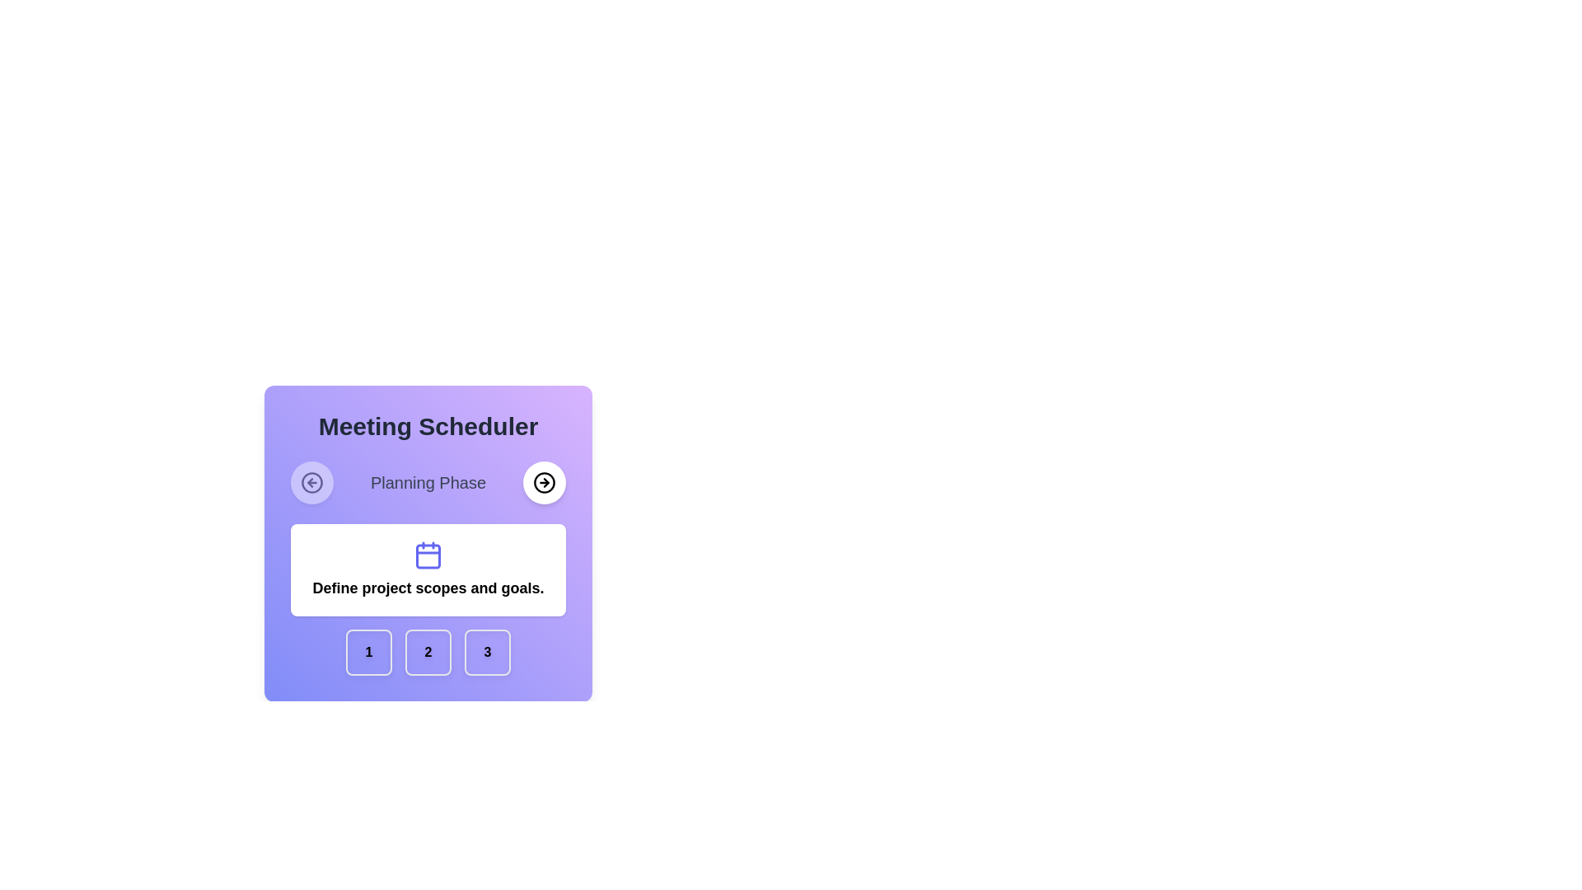  Describe the element at coordinates (428, 556) in the screenshot. I see `the visual illustration component (rectangle) of the calendar, which is the innermost rectangle within the calendar icon located above the text 'Define project scopes and goals' and below the 'Planning Phase' header` at that location.